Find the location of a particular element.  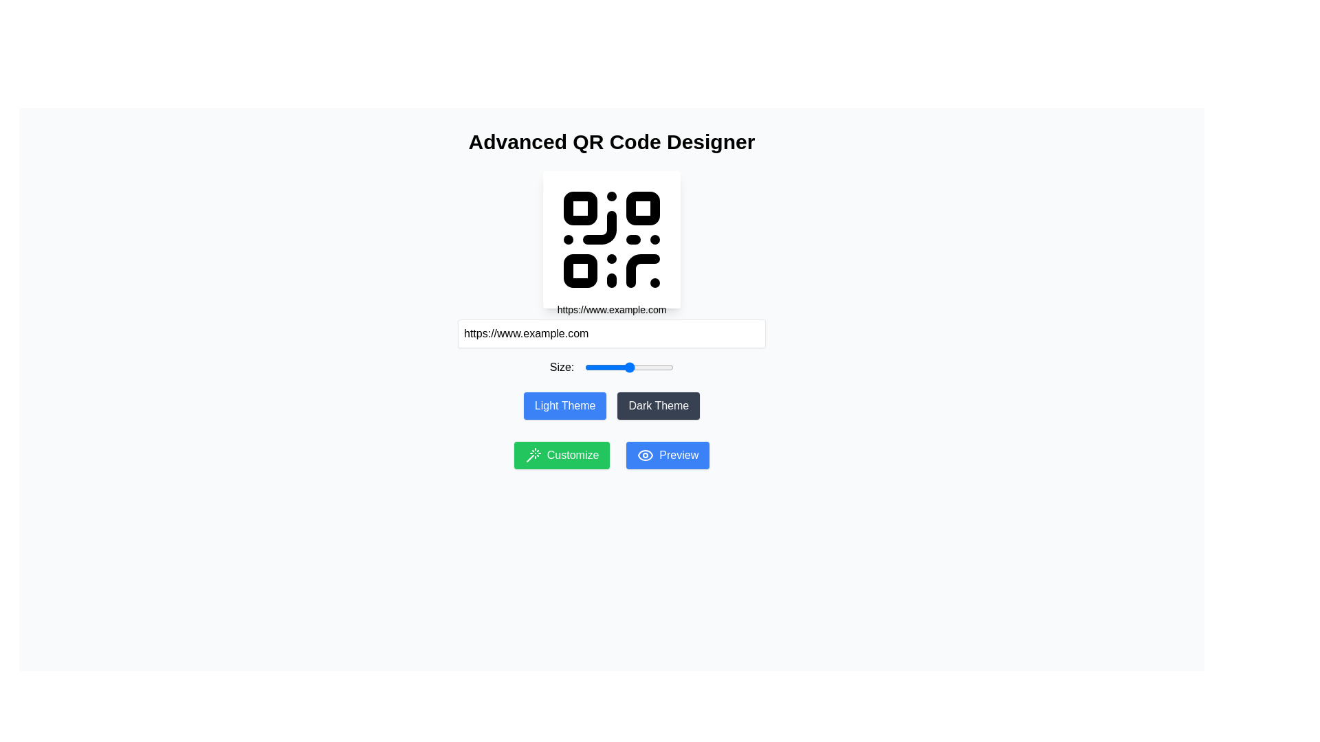

the size is located at coordinates (648, 367).